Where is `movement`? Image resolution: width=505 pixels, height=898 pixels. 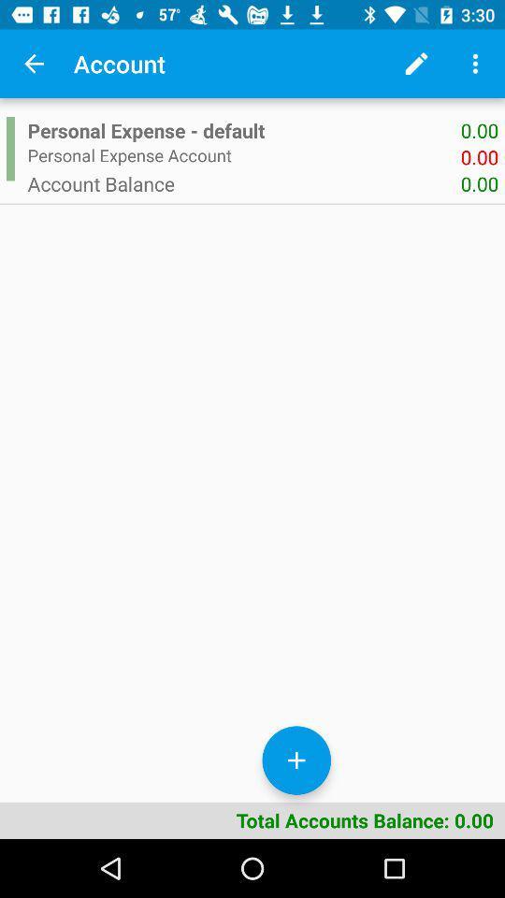 movement is located at coordinates (296, 760).